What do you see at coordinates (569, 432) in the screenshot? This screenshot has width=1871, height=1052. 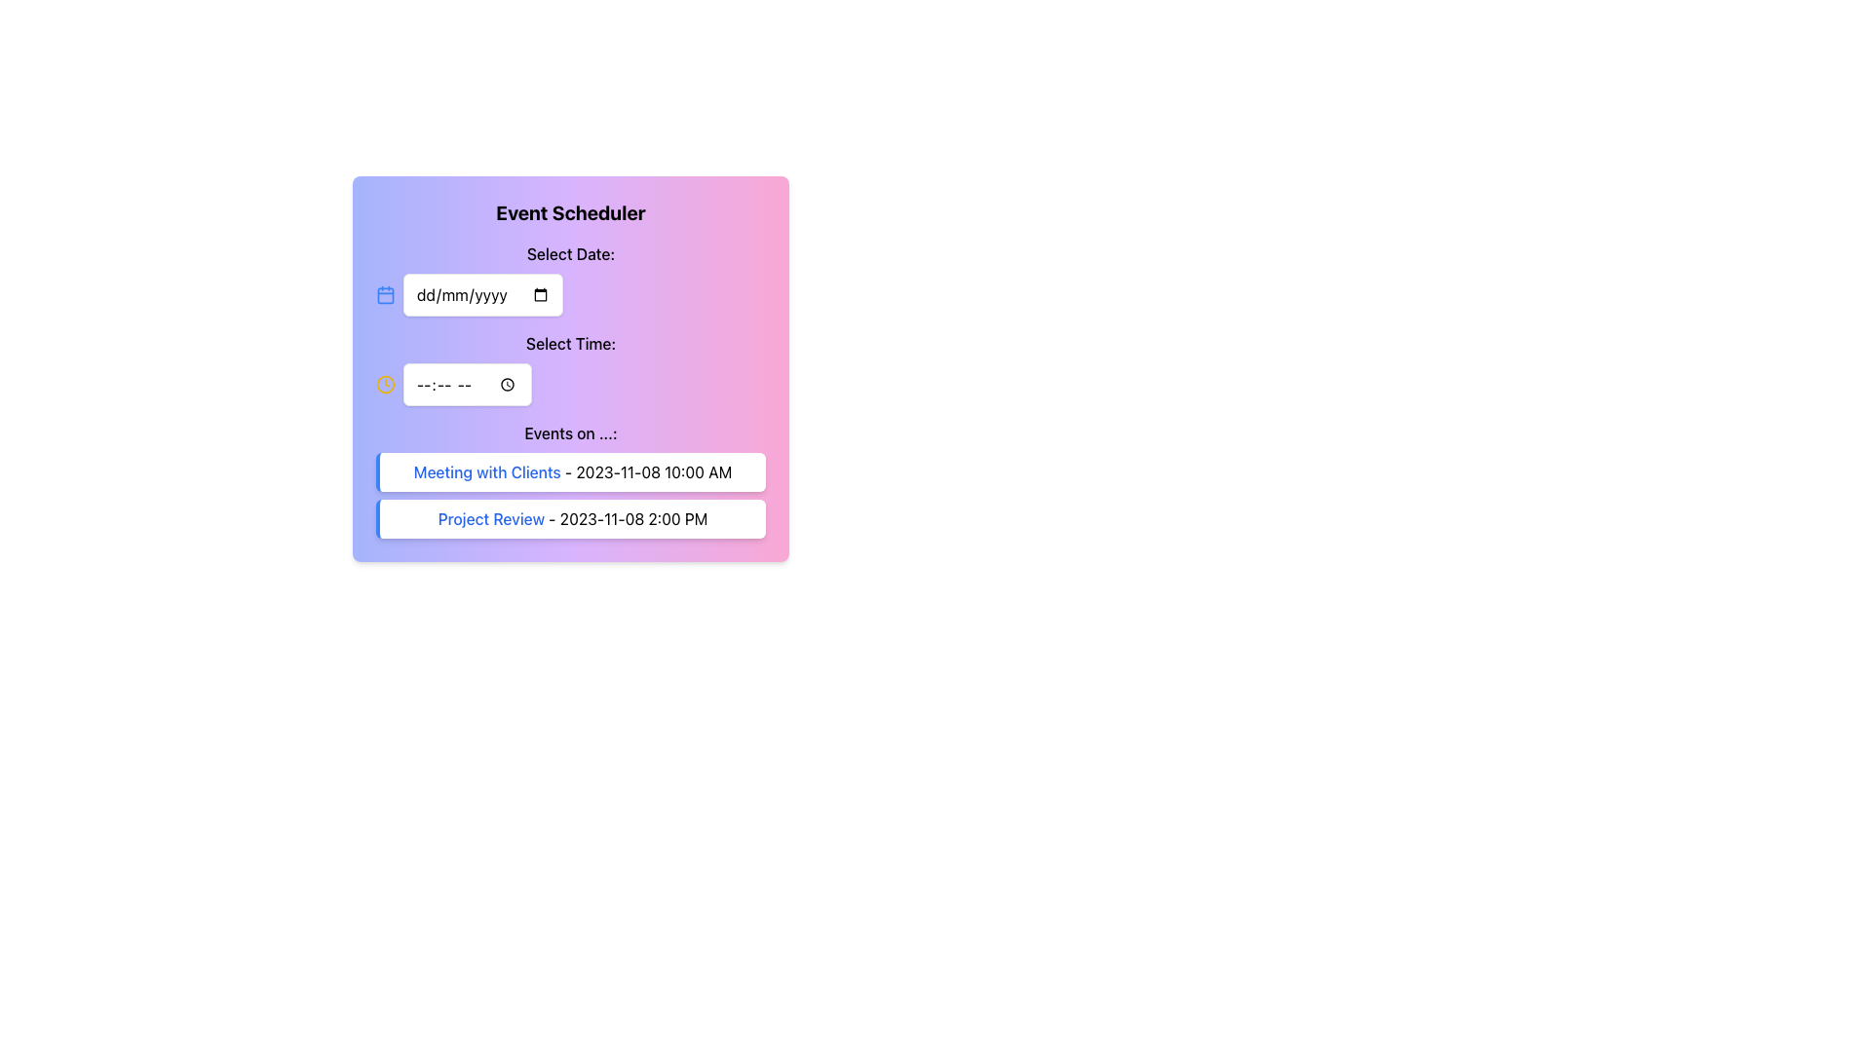 I see `the text label that serves as the header for the event list section in the scheduler interface, positioned below the 'Select Time:' input` at bounding box center [569, 432].